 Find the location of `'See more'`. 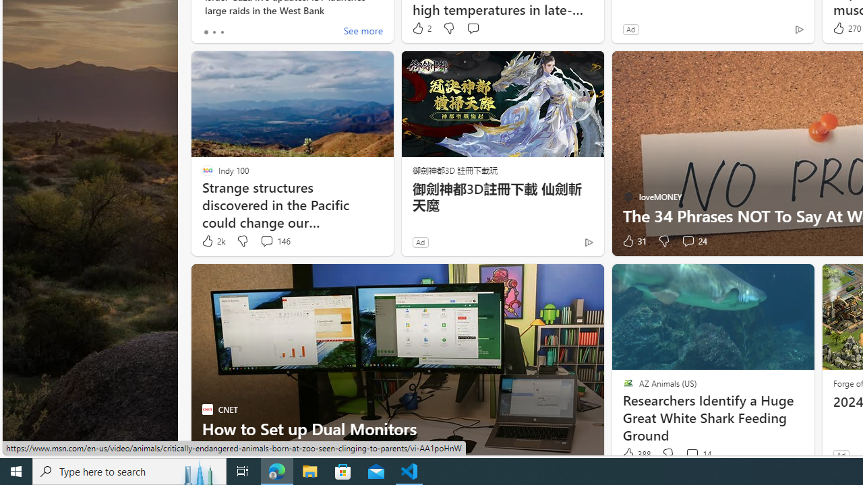

'See more' is located at coordinates (363, 31).